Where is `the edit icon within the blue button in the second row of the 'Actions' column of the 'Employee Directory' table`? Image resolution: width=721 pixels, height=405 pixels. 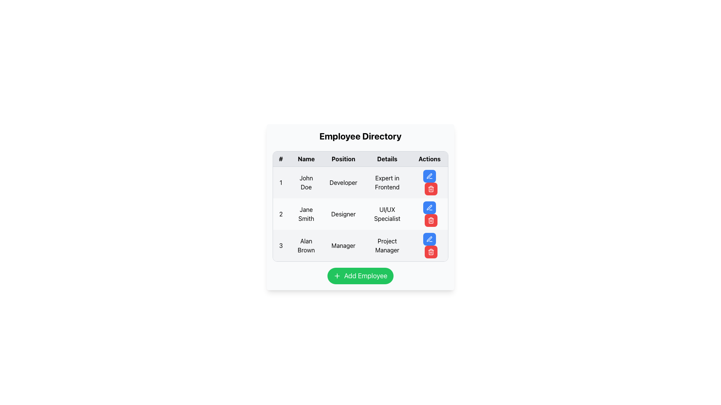 the edit icon within the blue button in the second row of the 'Actions' column of the 'Employee Directory' table is located at coordinates (430, 176).